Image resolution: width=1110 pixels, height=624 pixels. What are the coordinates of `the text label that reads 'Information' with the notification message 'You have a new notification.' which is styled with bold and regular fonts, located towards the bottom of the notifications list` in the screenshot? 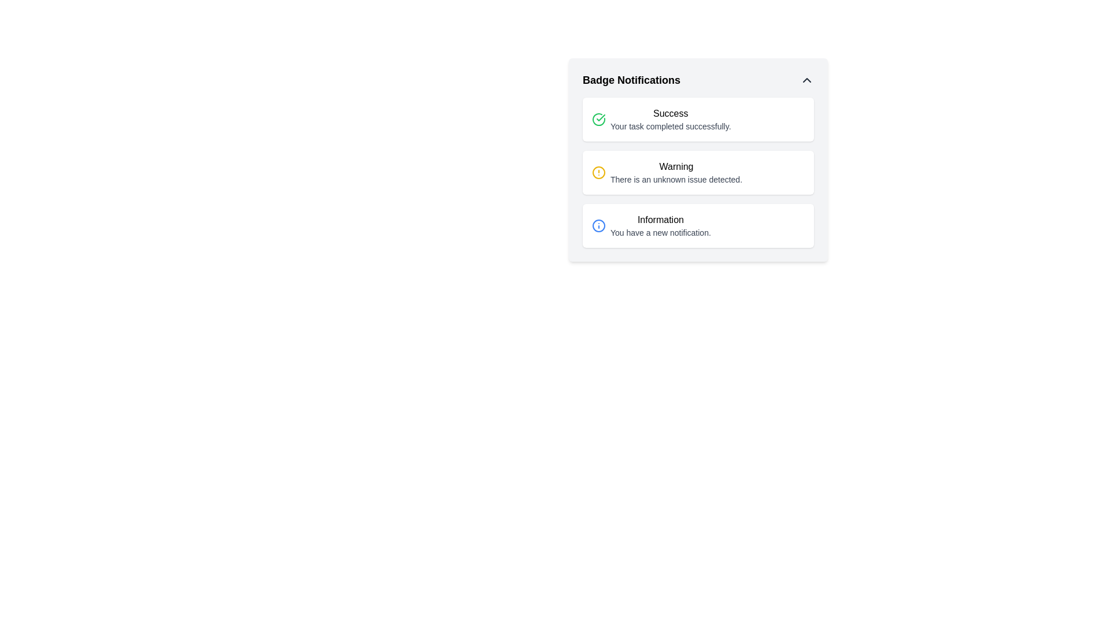 It's located at (660, 225).